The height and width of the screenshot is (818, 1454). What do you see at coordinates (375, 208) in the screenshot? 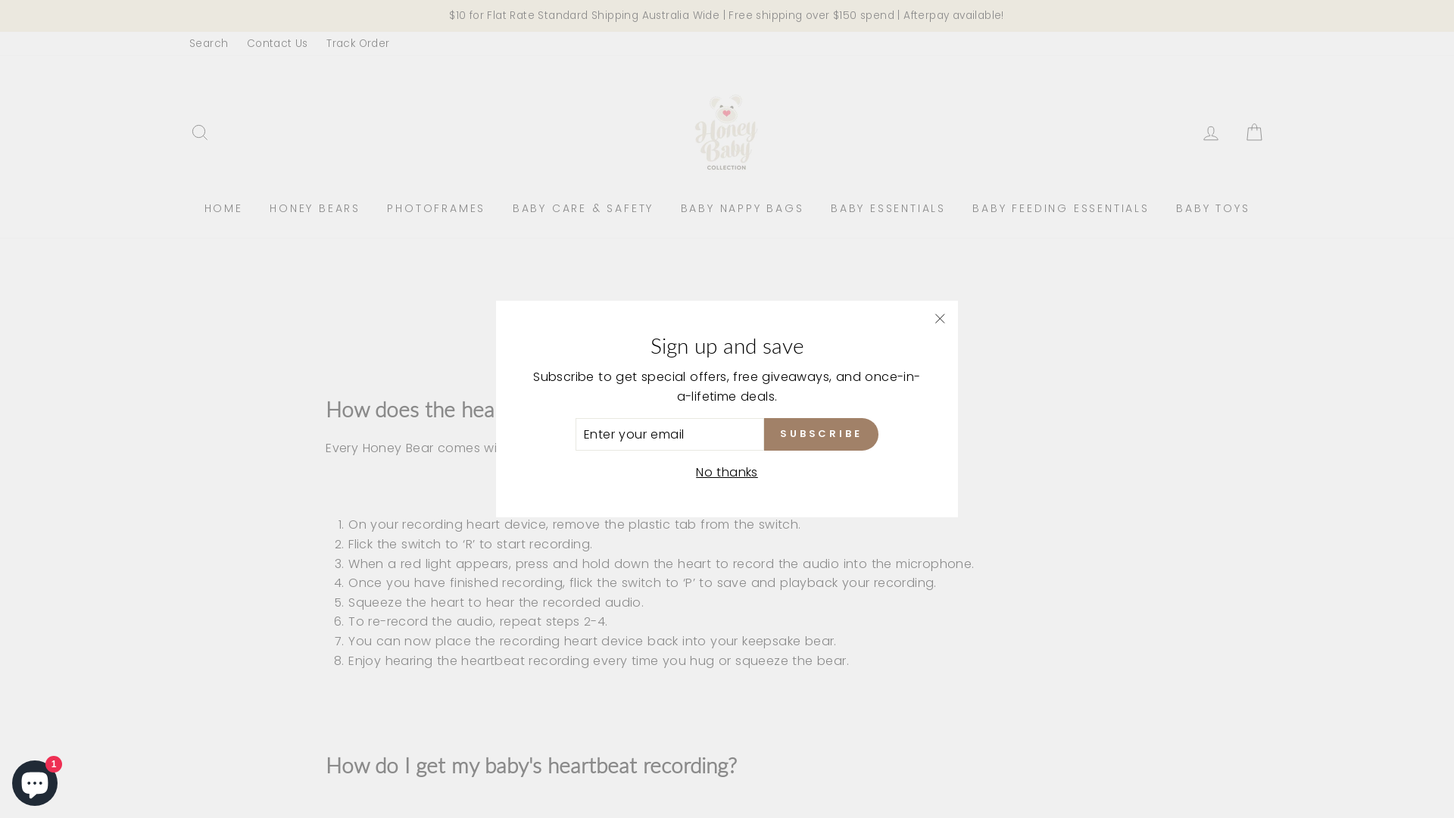
I see `'PHOTOFRAMES'` at bounding box center [375, 208].